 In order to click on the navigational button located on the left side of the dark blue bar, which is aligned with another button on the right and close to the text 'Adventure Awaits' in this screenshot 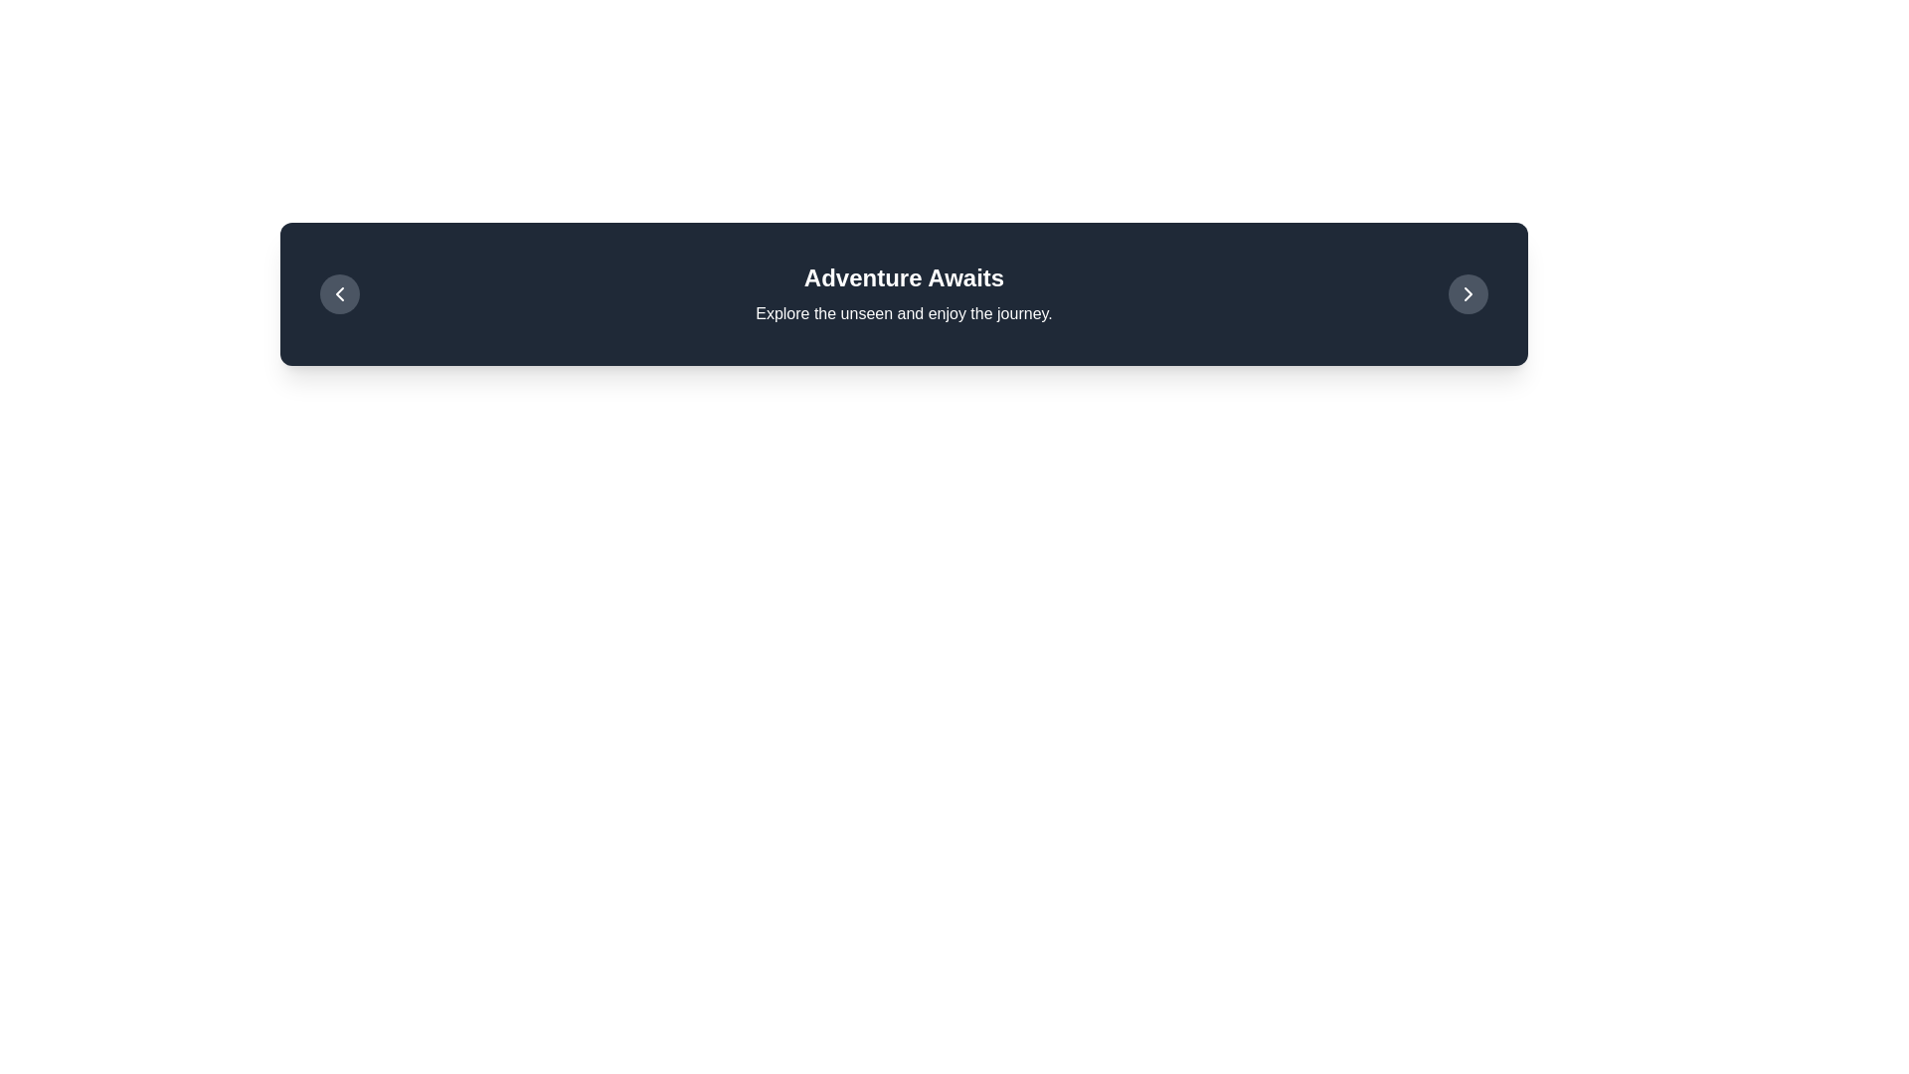, I will do `click(339, 294)`.